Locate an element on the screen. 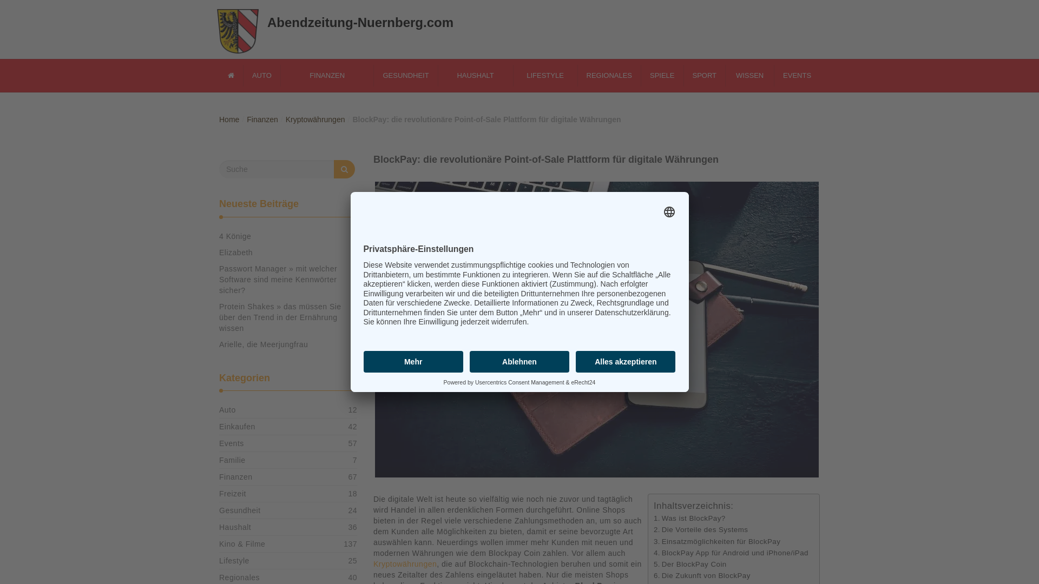  'WISSEN' is located at coordinates (722, 75).